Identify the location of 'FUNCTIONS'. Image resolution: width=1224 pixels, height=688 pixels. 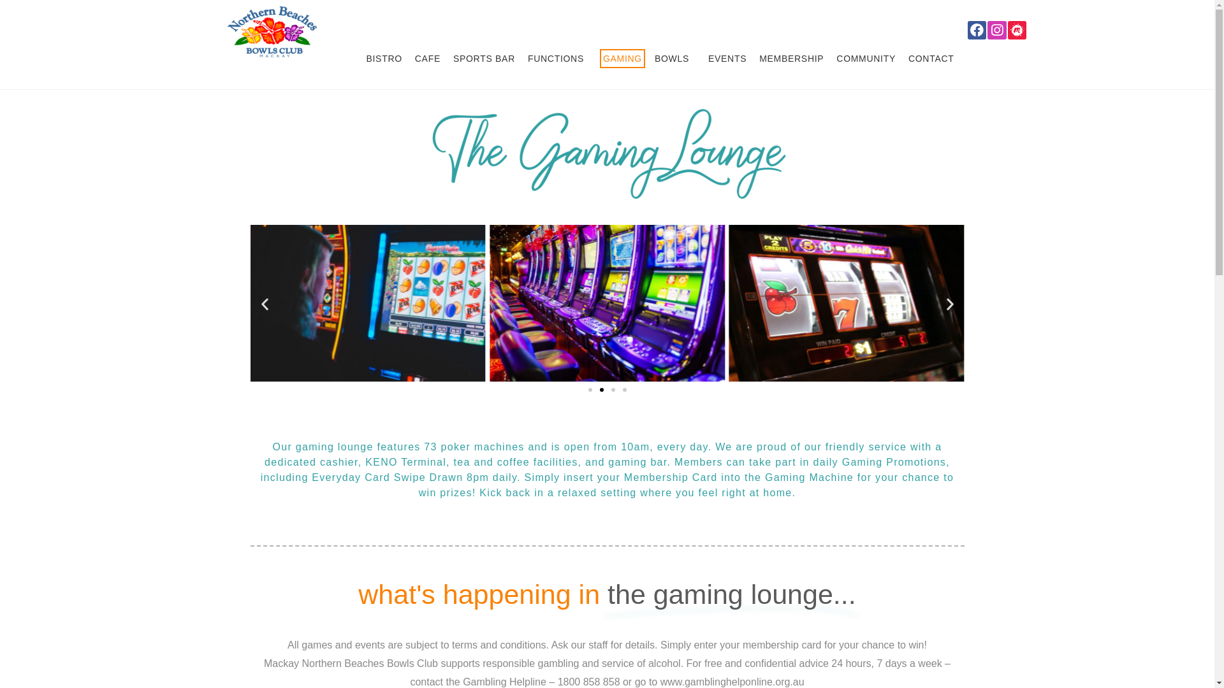
(559, 59).